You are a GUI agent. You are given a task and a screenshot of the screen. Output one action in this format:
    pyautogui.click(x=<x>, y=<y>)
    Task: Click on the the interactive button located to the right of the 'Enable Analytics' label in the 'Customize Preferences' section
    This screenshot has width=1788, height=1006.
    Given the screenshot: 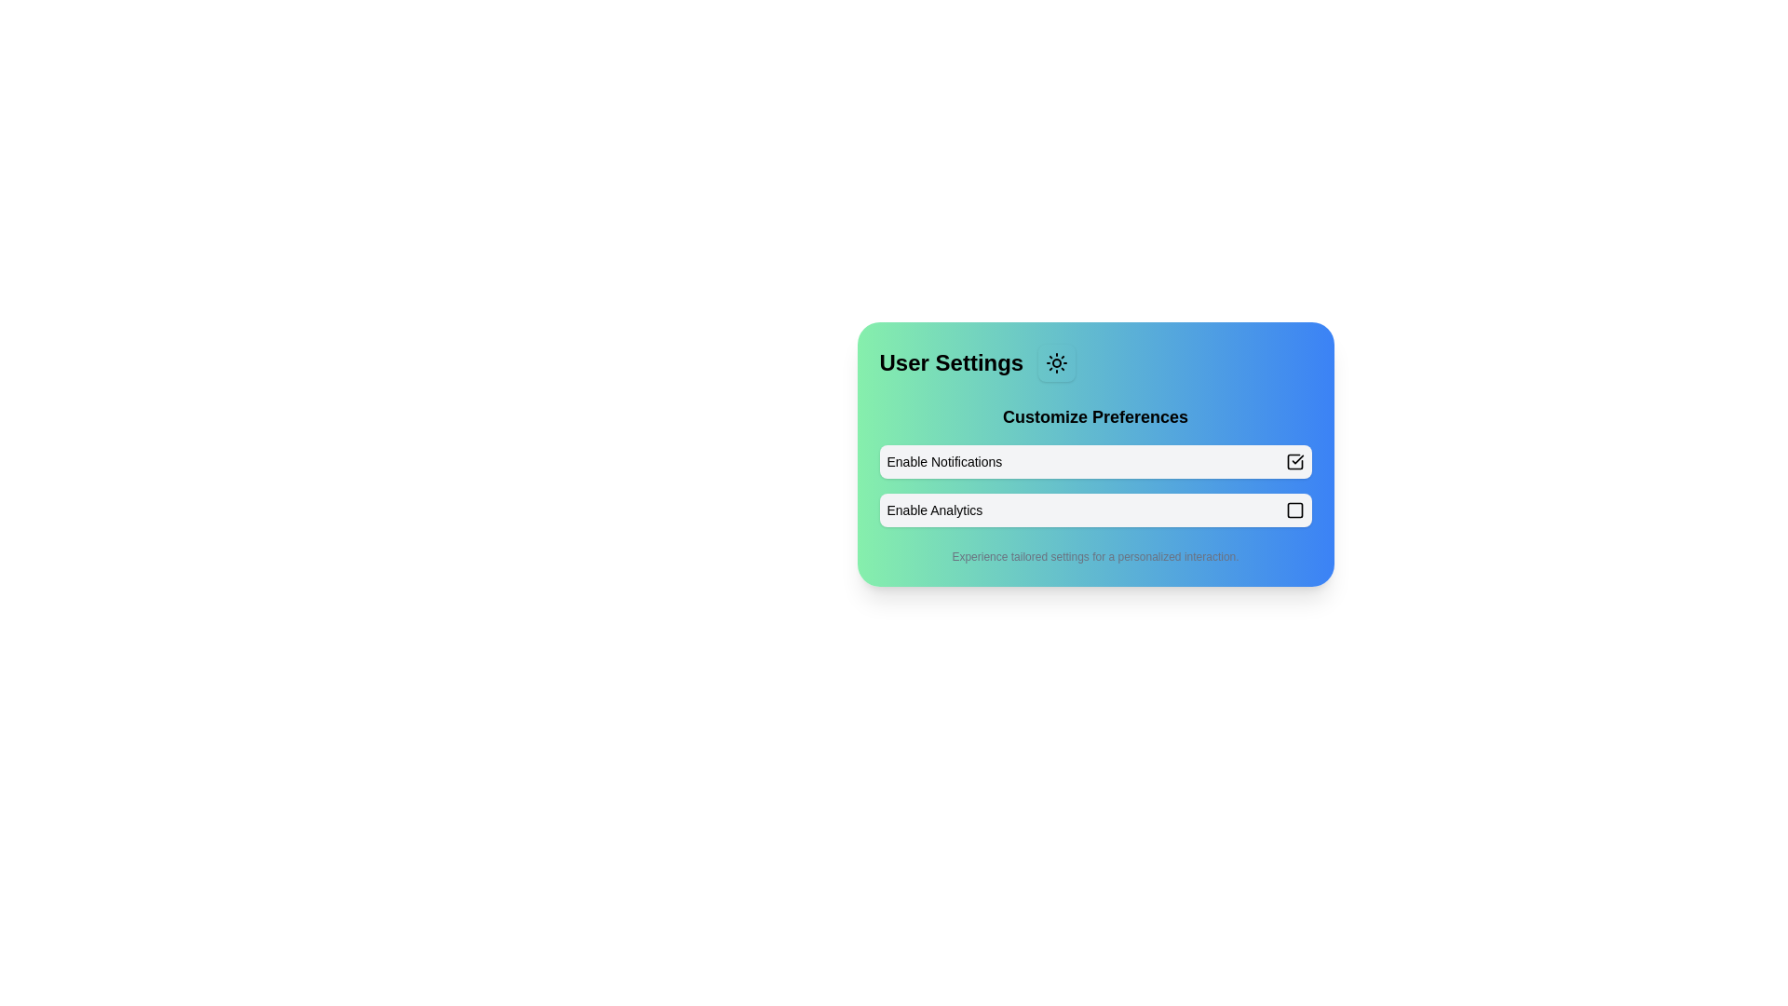 What is the action you would take?
    pyautogui.click(x=1294, y=510)
    